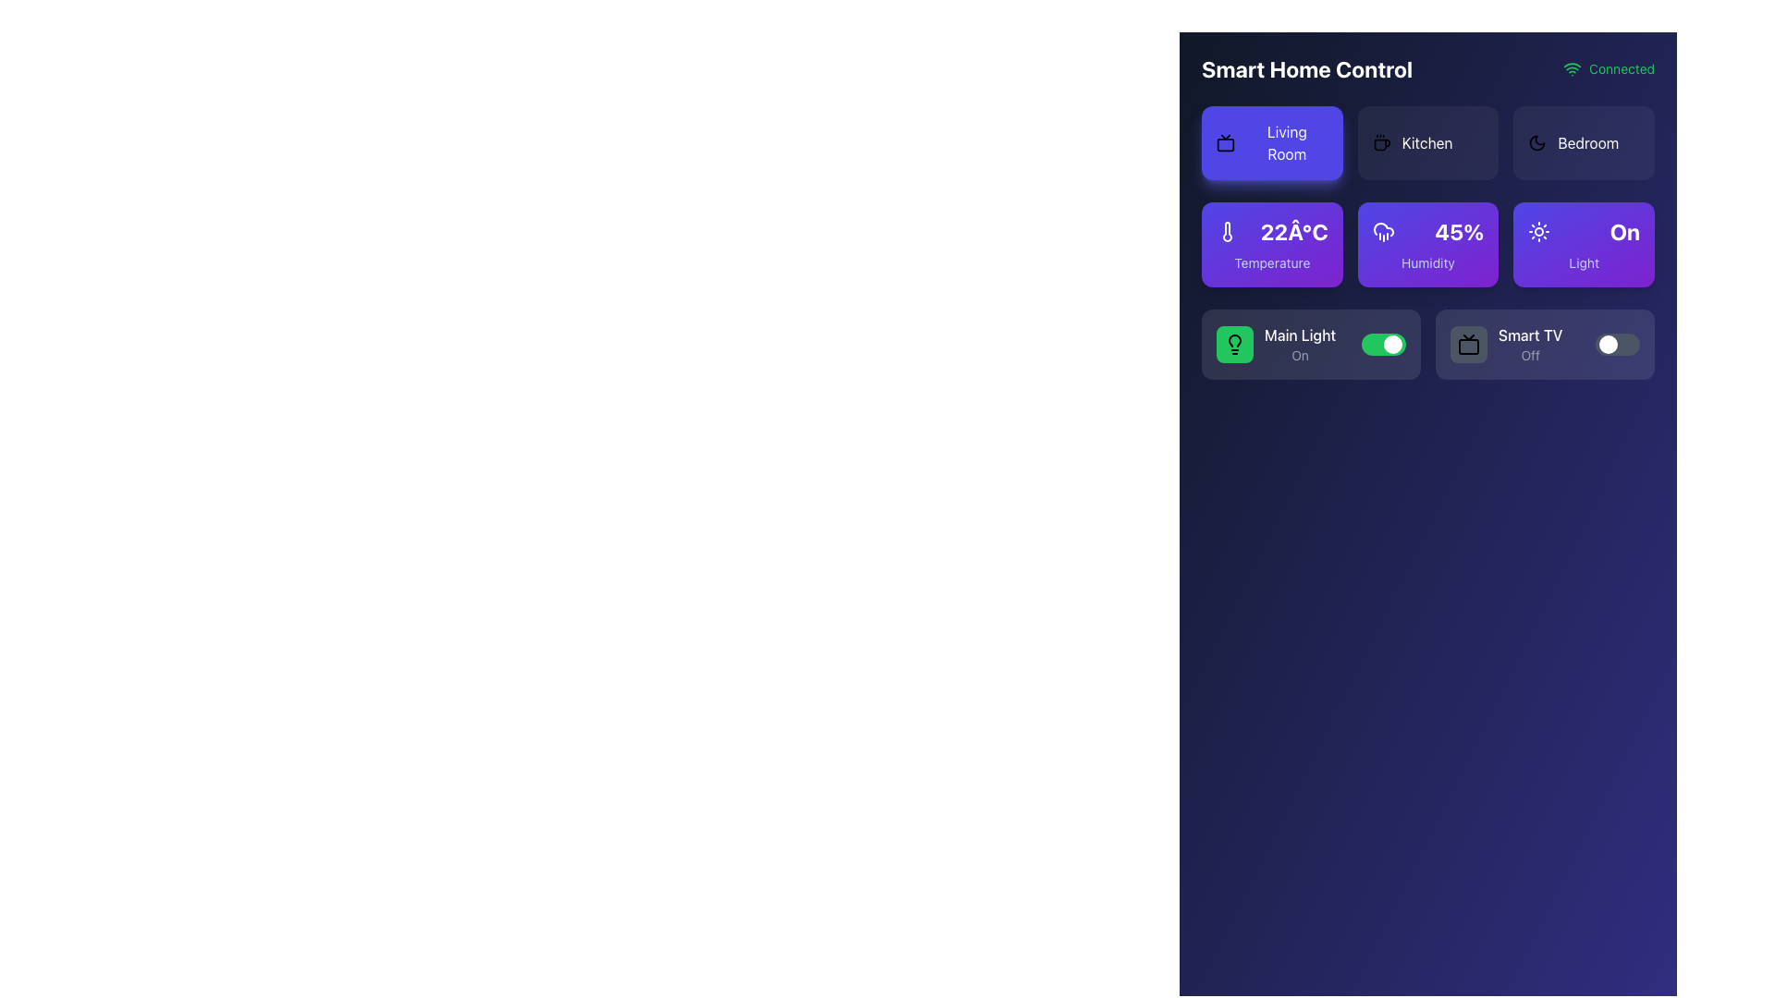 This screenshot has width=1775, height=998. What do you see at coordinates (1623, 230) in the screenshot?
I see `the text label displaying 'On' in bold, extra-large white font, located at the lower-left corner of the purple button labeled 'Light'` at bounding box center [1623, 230].